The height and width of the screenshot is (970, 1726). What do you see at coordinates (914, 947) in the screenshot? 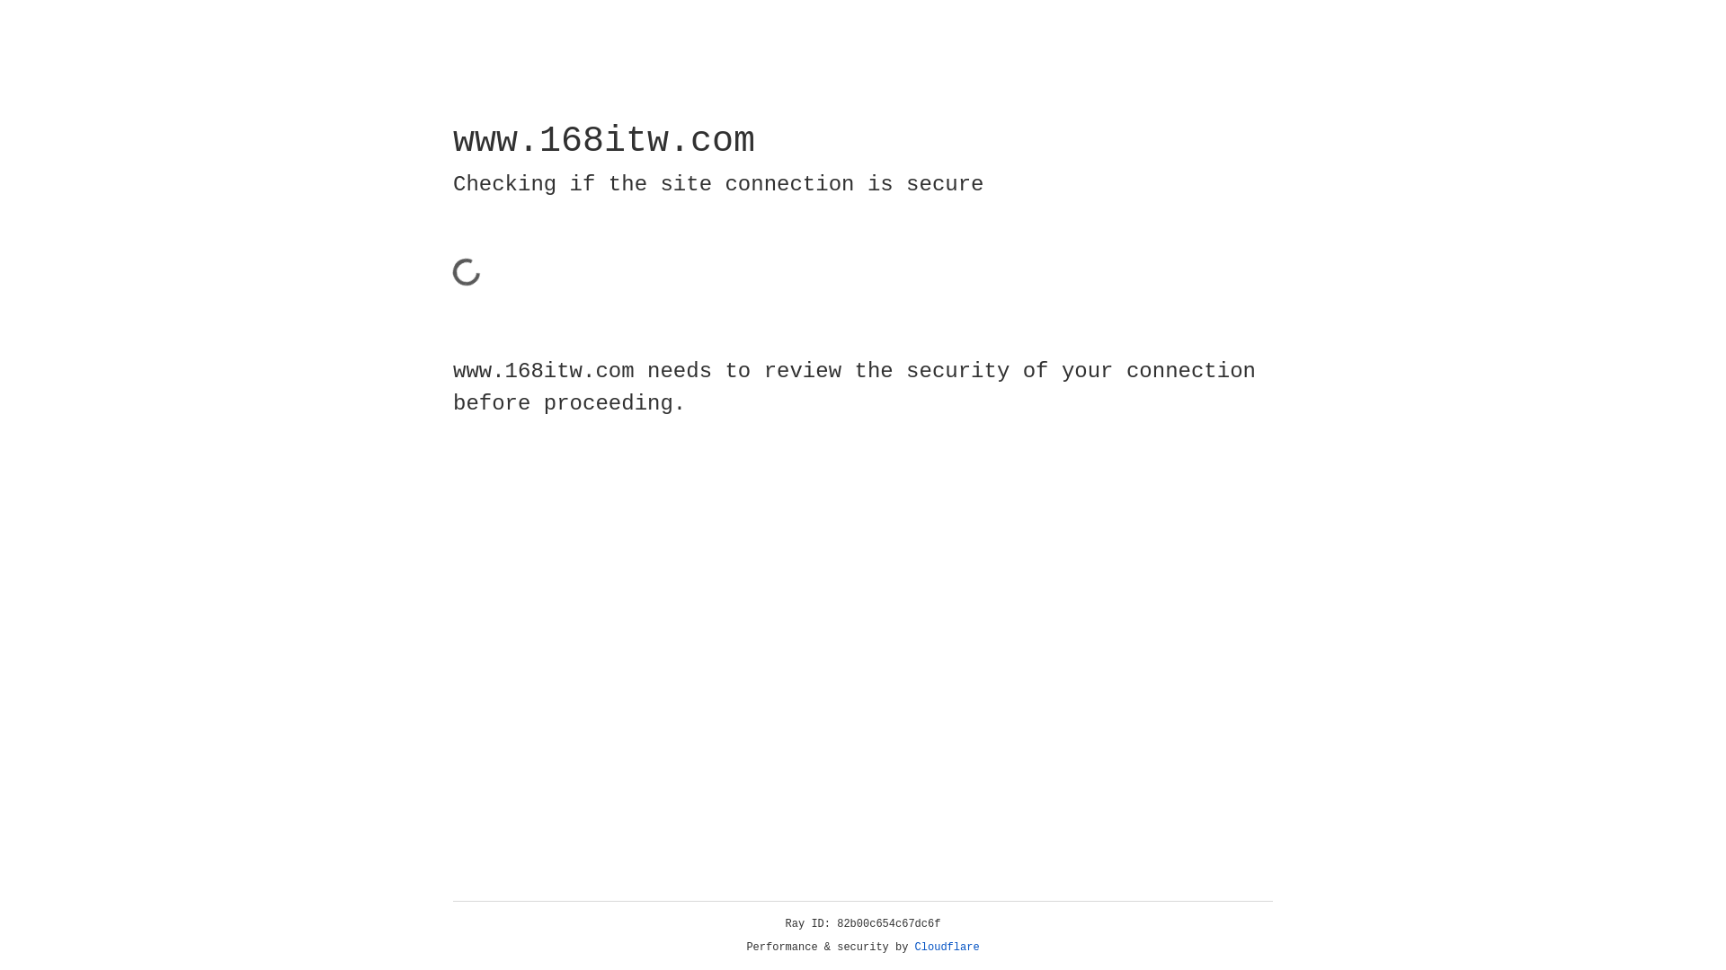
I see `'Cloudflare'` at bounding box center [914, 947].